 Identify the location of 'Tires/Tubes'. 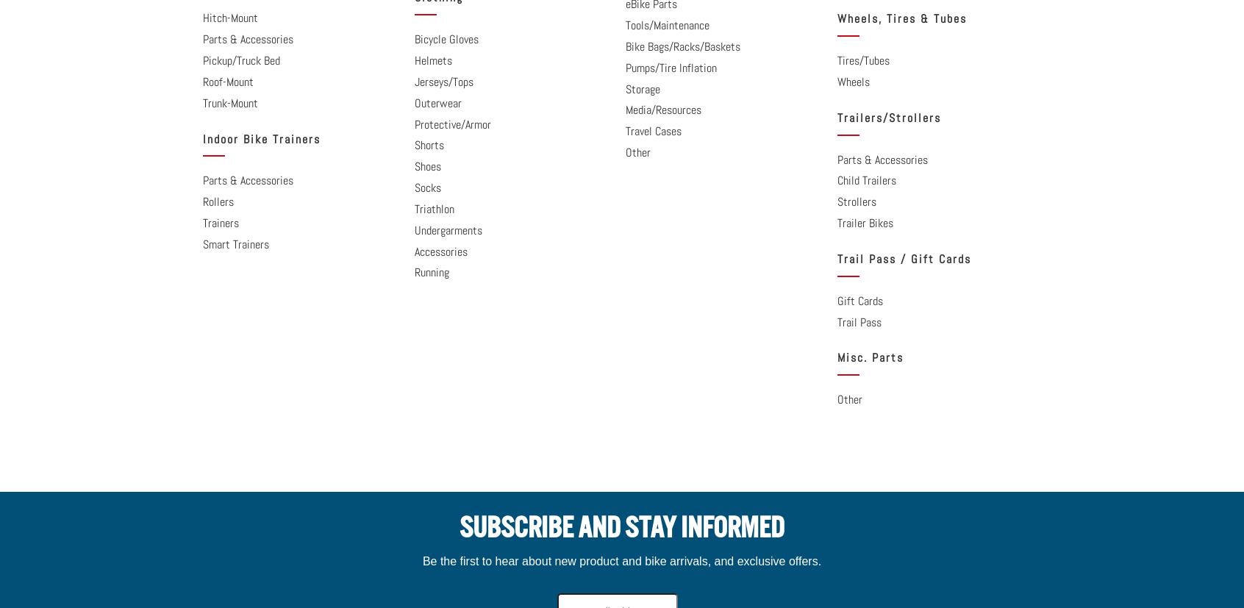
(862, 60).